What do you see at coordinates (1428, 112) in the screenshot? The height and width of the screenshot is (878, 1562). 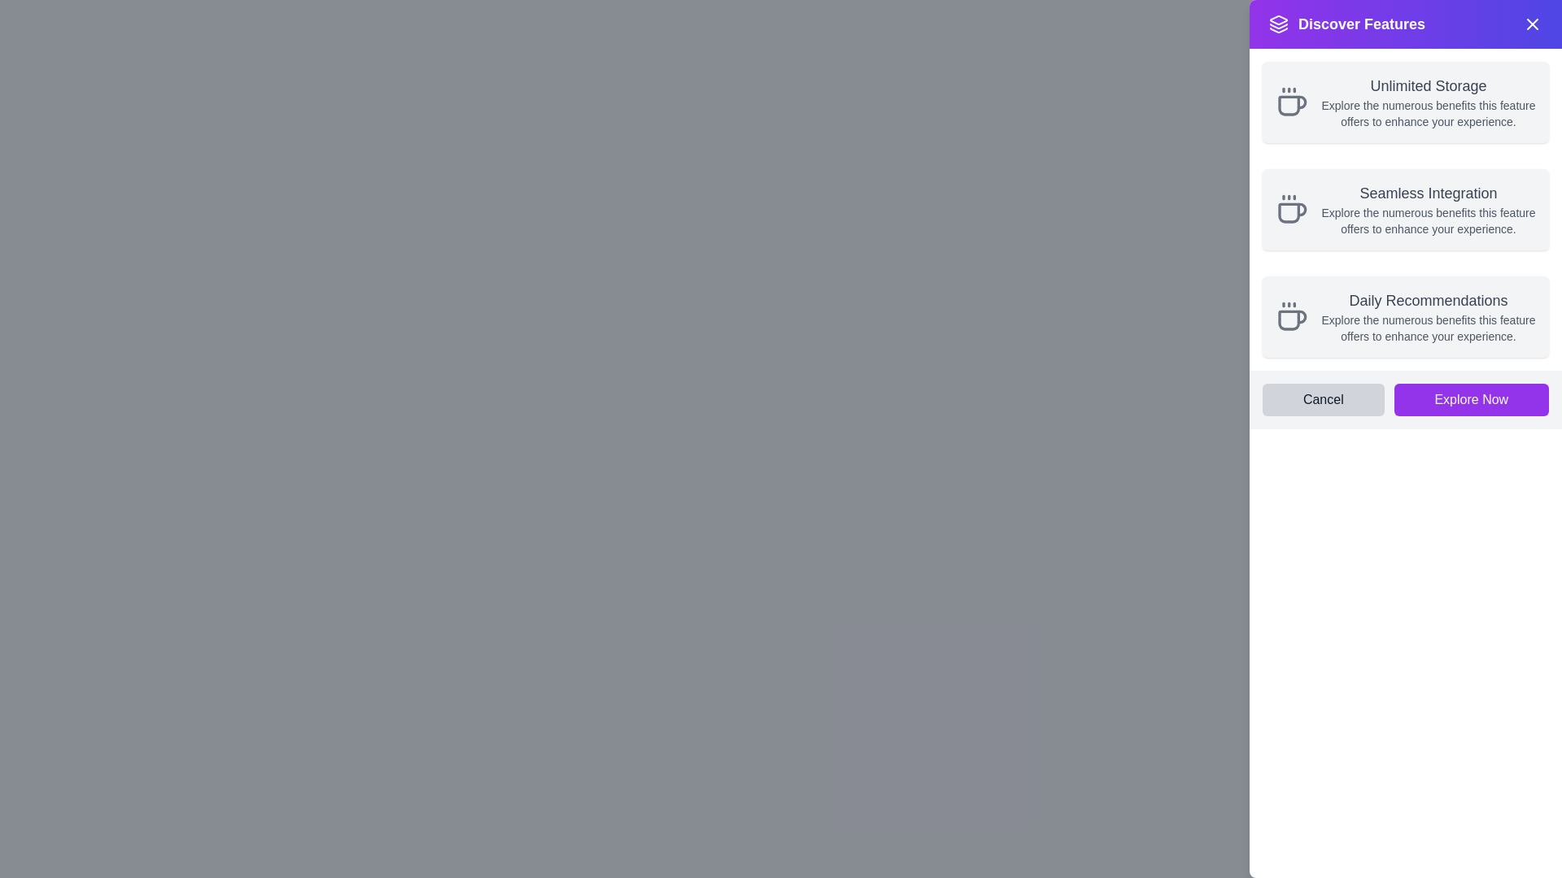 I see `static text content that states 'Explore the numerous benefits this feature offers to enhance your experience.' located beneath the heading 'Unlimited Storage' in the right-aligned panel titled 'Discover Features.'` at bounding box center [1428, 112].